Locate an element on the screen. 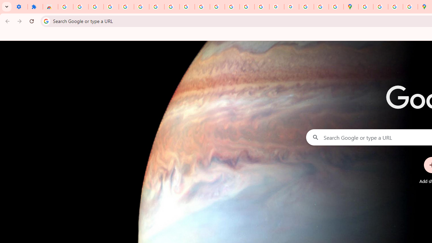 The image size is (432, 243). 'YouTube' is located at coordinates (187, 7).